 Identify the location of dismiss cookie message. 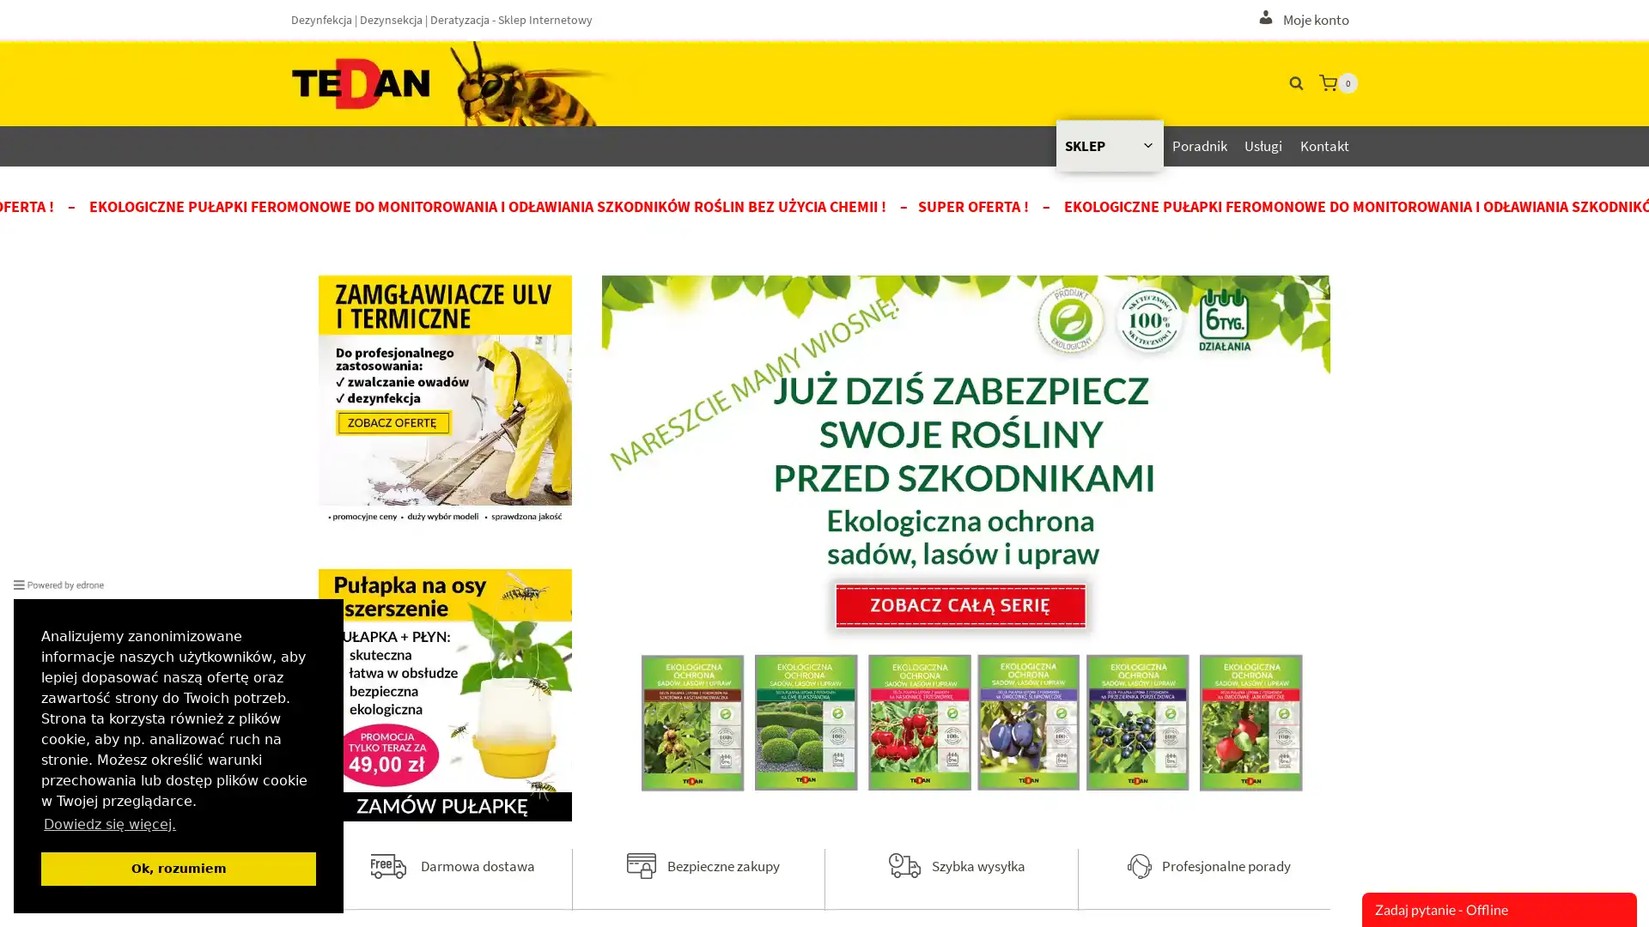
(178, 868).